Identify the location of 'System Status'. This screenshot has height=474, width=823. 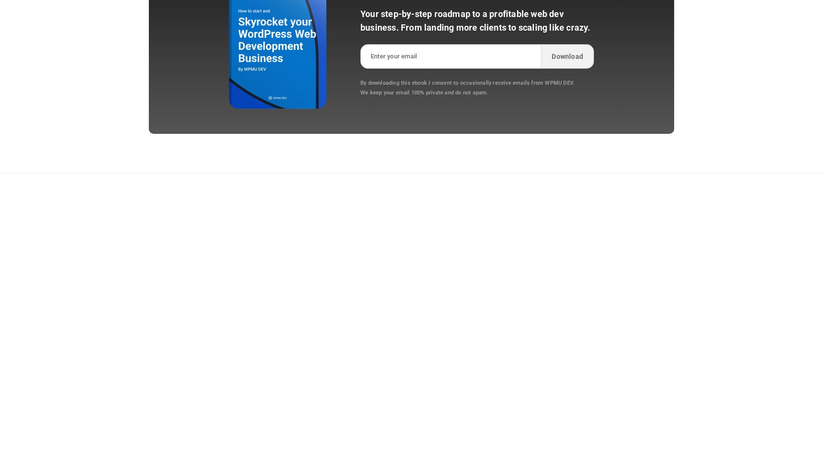
(627, 305).